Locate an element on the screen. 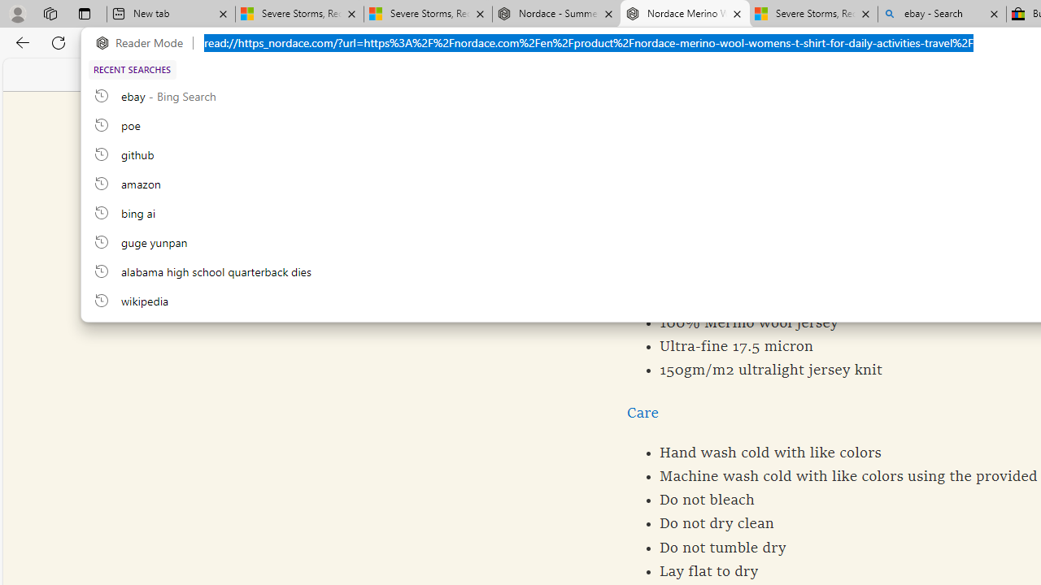  'Care' is located at coordinates (642, 412).